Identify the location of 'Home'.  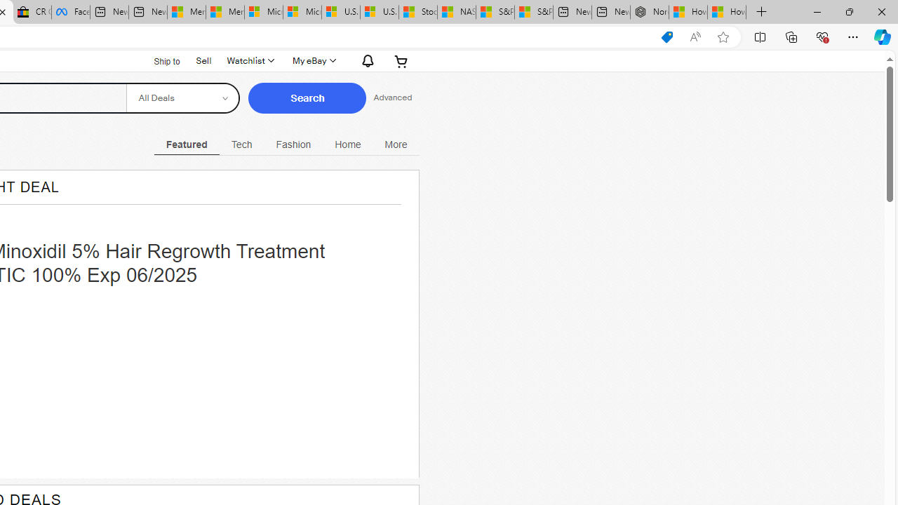
(348, 144).